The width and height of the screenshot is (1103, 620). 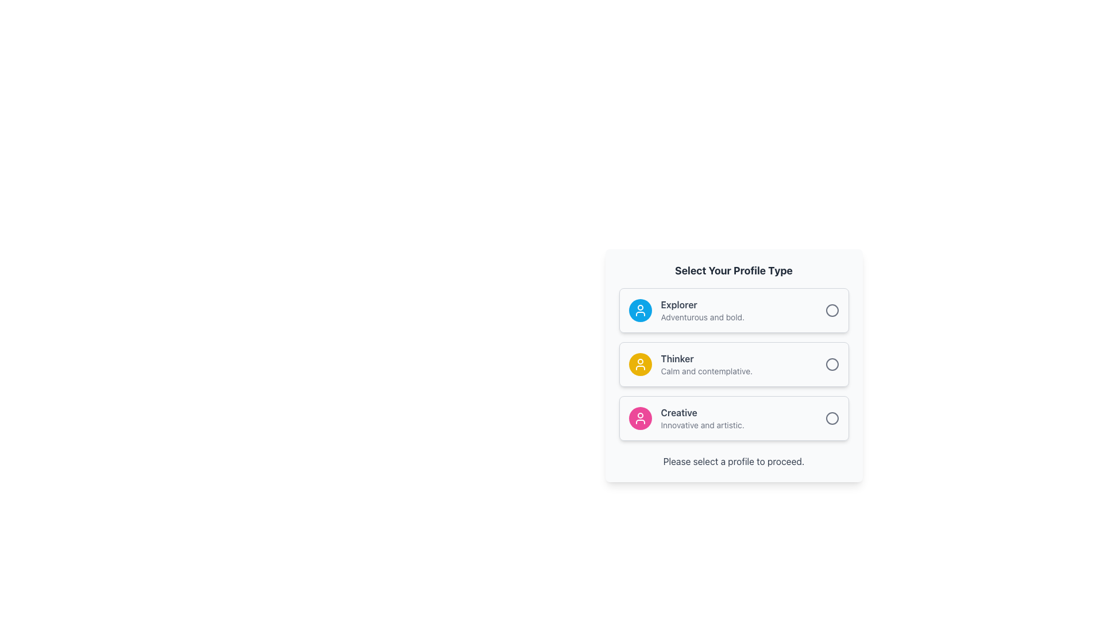 I want to click on the circular icon with a pink background and a white outline of a person, located in the third profile card option next to the text 'Creative', so click(x=639, y=418).